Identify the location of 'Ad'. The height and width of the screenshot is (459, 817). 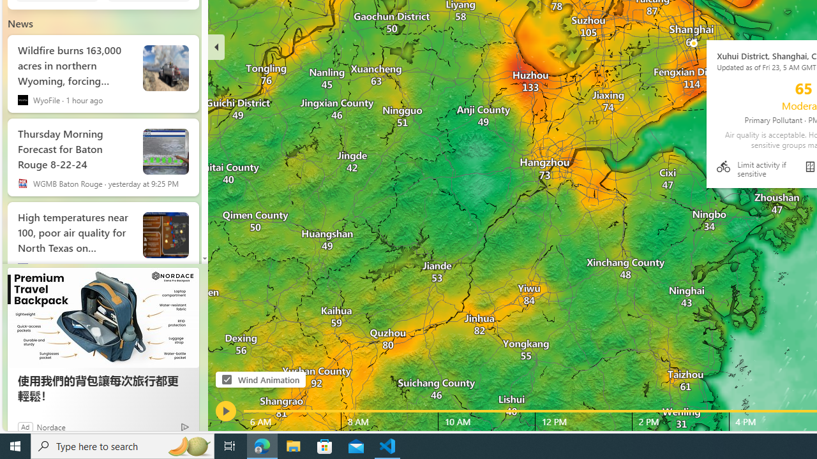
(26, 426).